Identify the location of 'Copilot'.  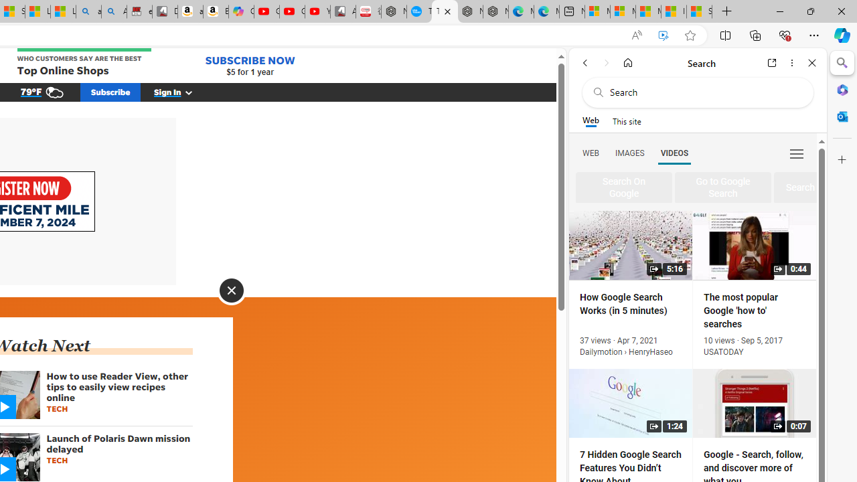
(241, 11).